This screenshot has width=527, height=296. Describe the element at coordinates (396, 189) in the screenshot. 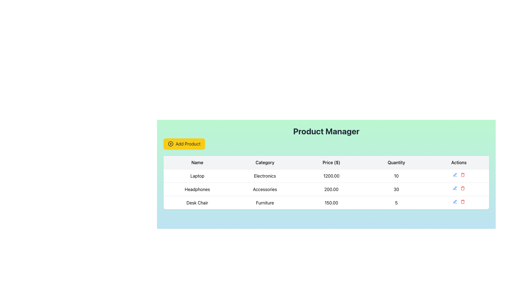

I see `the non-interactive quantity text element representing the quantity of Headphones in the table located in the fourth column of the second row, adjacent to '200.00' and action icons` at that location.